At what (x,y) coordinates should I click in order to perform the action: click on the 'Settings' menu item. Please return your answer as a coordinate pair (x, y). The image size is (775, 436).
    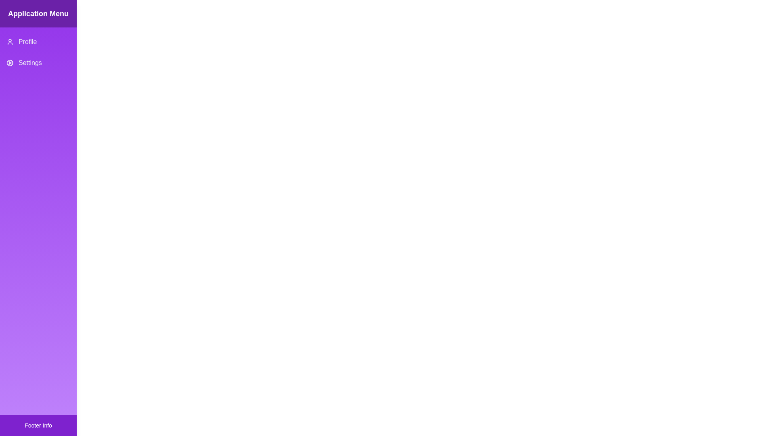
    Looking at the image, I should click on (38, 62).